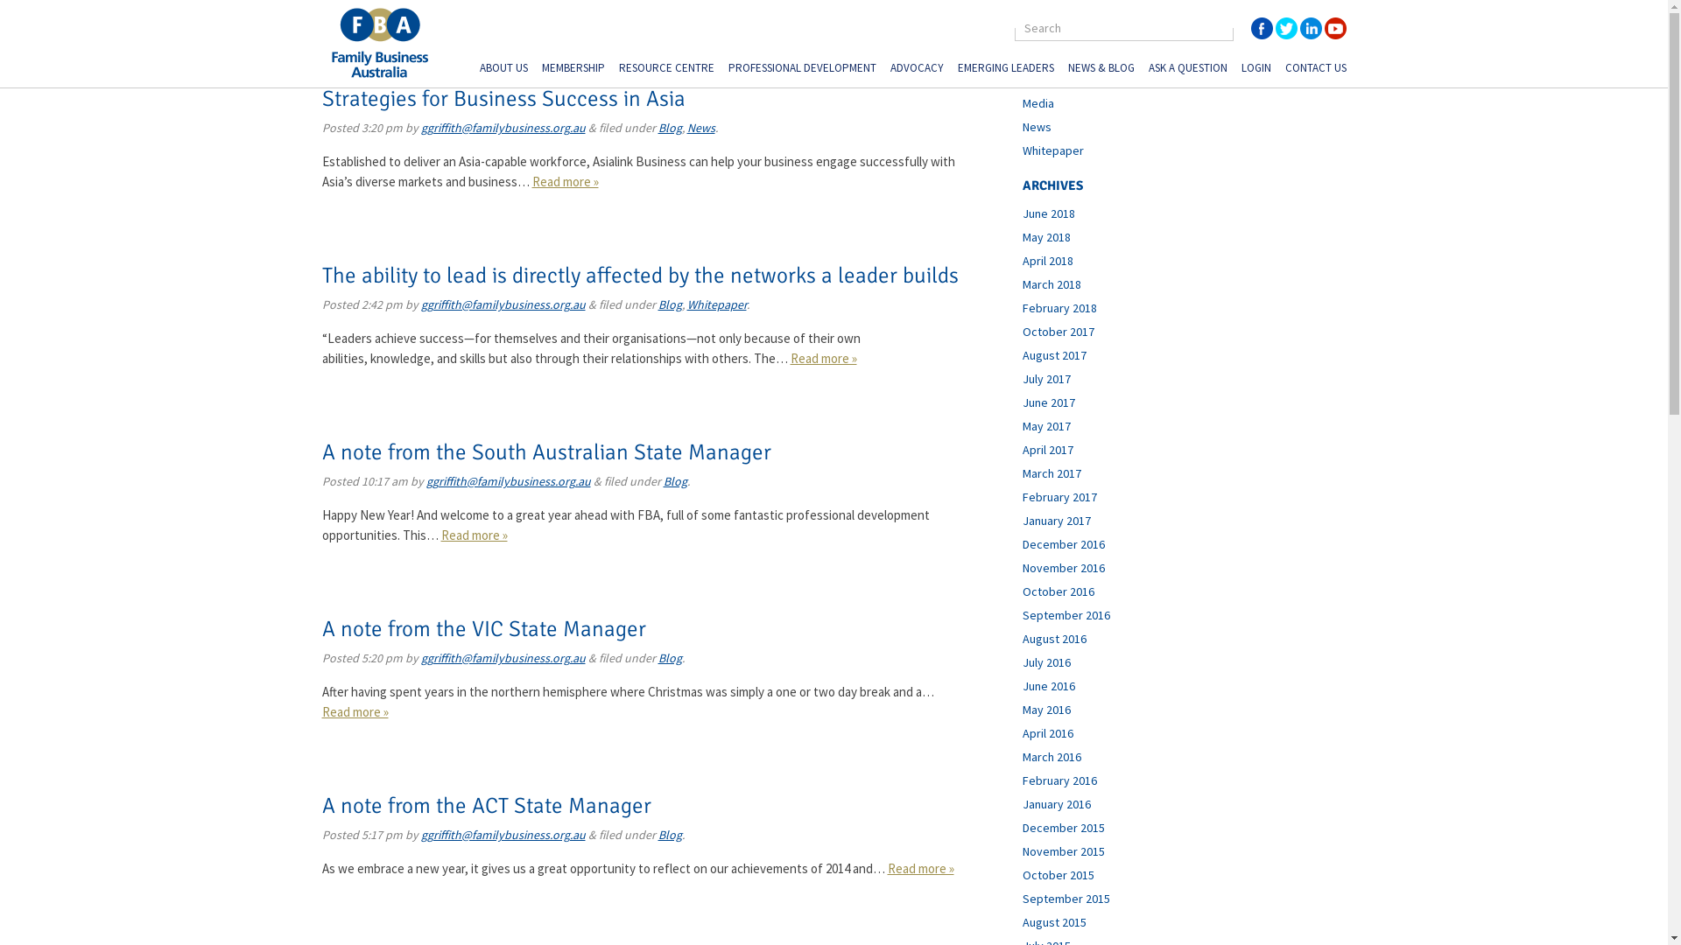  Describe the element at coordinates (1053, 638) in the screenshot. I see `'August 2016'` at that location.